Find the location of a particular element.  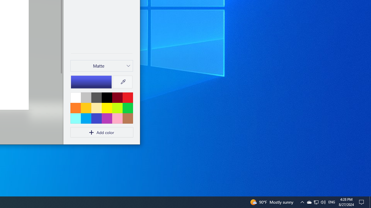

'Eyedropper' is located at coordinates (122, 82).